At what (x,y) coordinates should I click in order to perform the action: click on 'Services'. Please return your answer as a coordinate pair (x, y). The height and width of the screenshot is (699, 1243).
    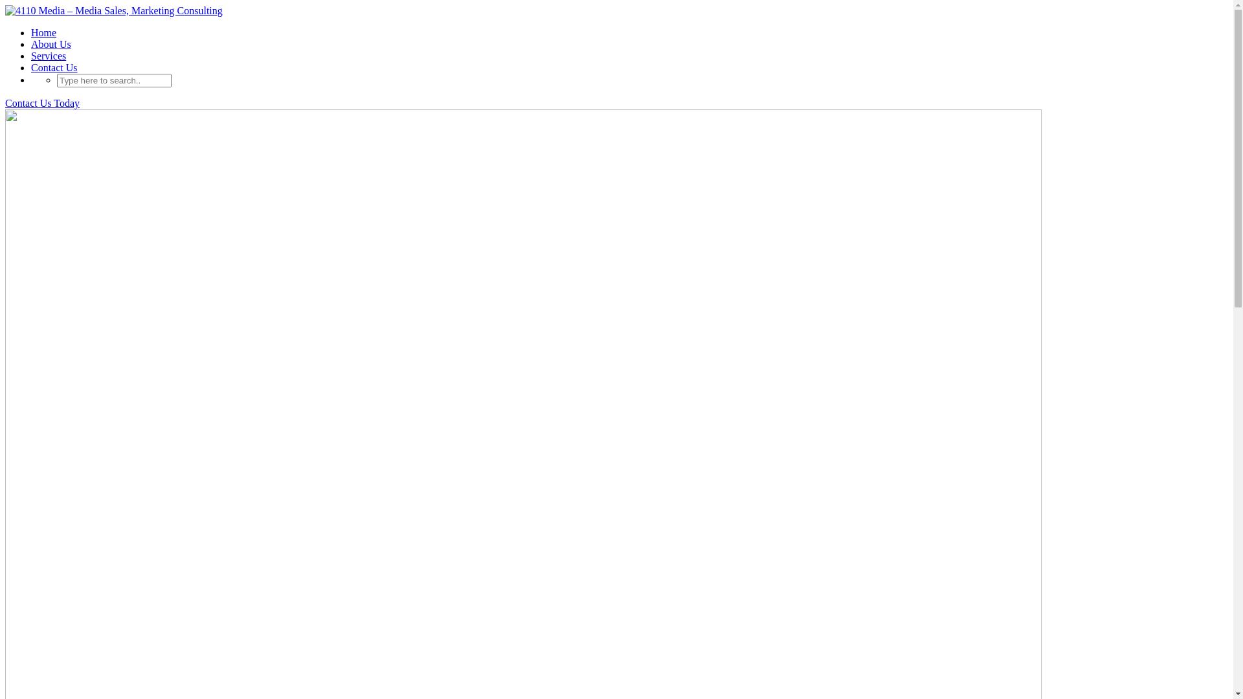
    Looking at the image, I should click on (49, 55).